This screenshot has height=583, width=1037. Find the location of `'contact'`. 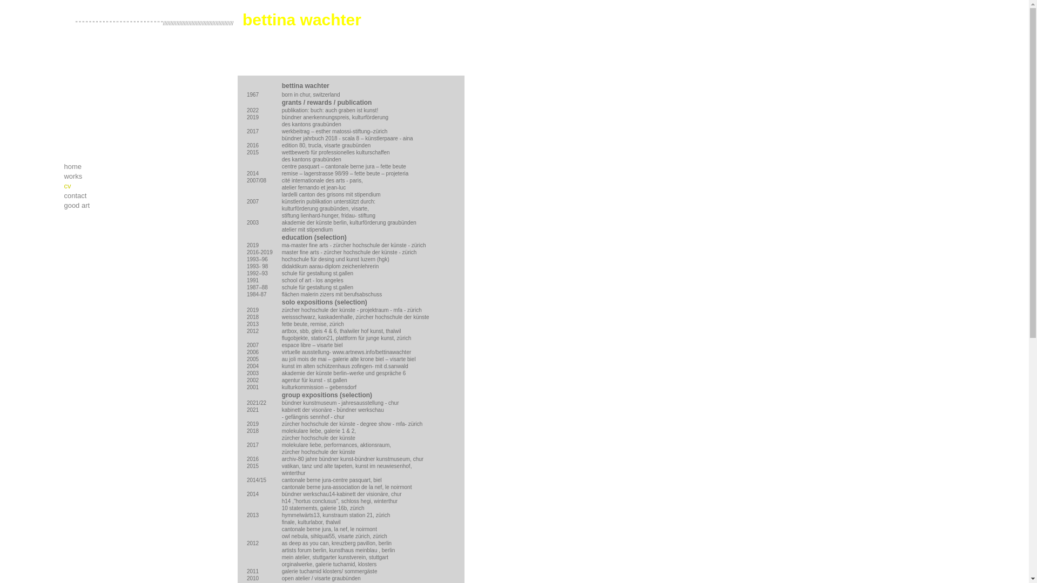

'contact' is located at coordinates (113, 195).